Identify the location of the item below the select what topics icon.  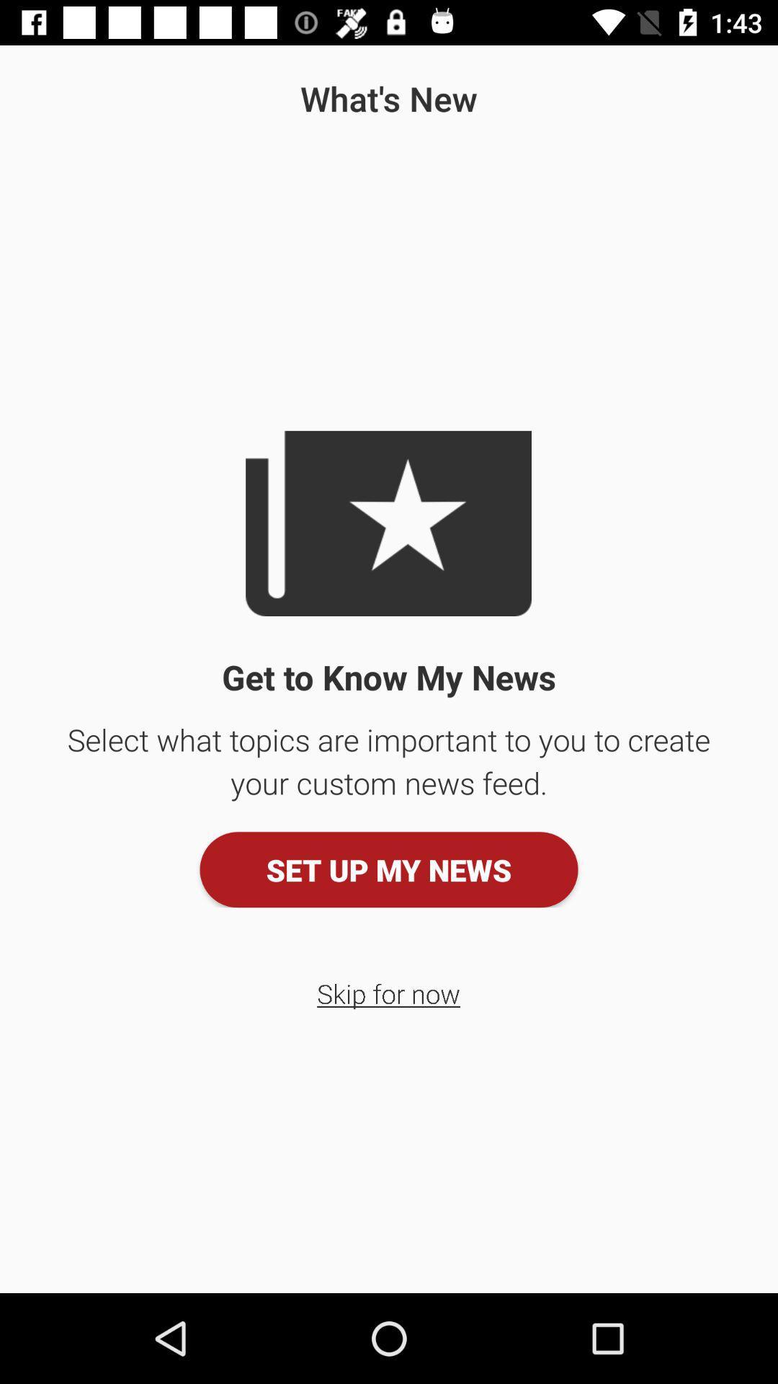
(389, 869).